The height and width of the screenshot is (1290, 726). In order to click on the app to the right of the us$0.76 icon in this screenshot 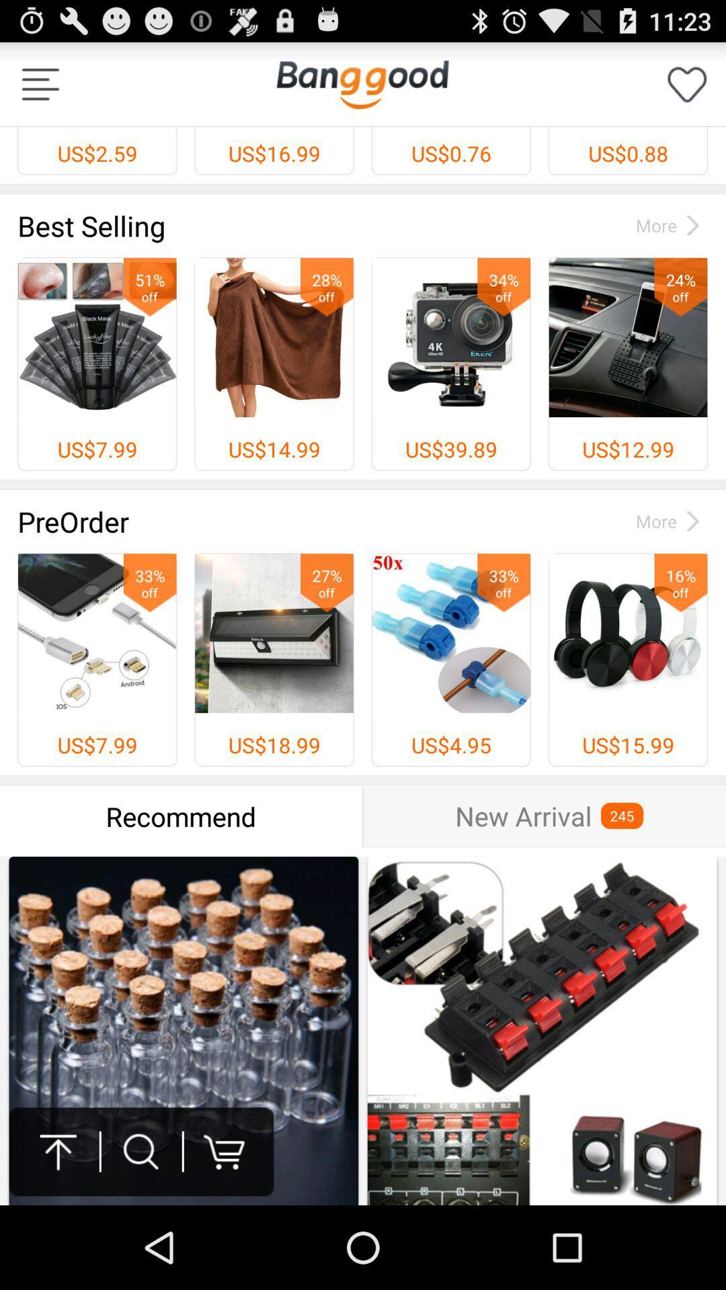, I will do `click(687, 83)`.